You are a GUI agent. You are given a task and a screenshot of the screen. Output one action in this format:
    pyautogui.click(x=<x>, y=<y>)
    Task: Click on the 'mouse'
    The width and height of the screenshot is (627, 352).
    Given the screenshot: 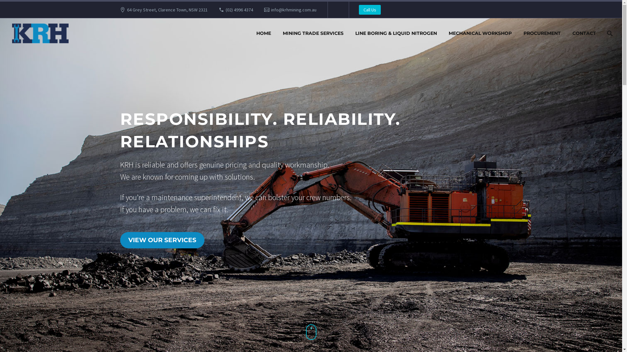 What is the action you would take?
    pyautogui.click(x=305, y=332)
    